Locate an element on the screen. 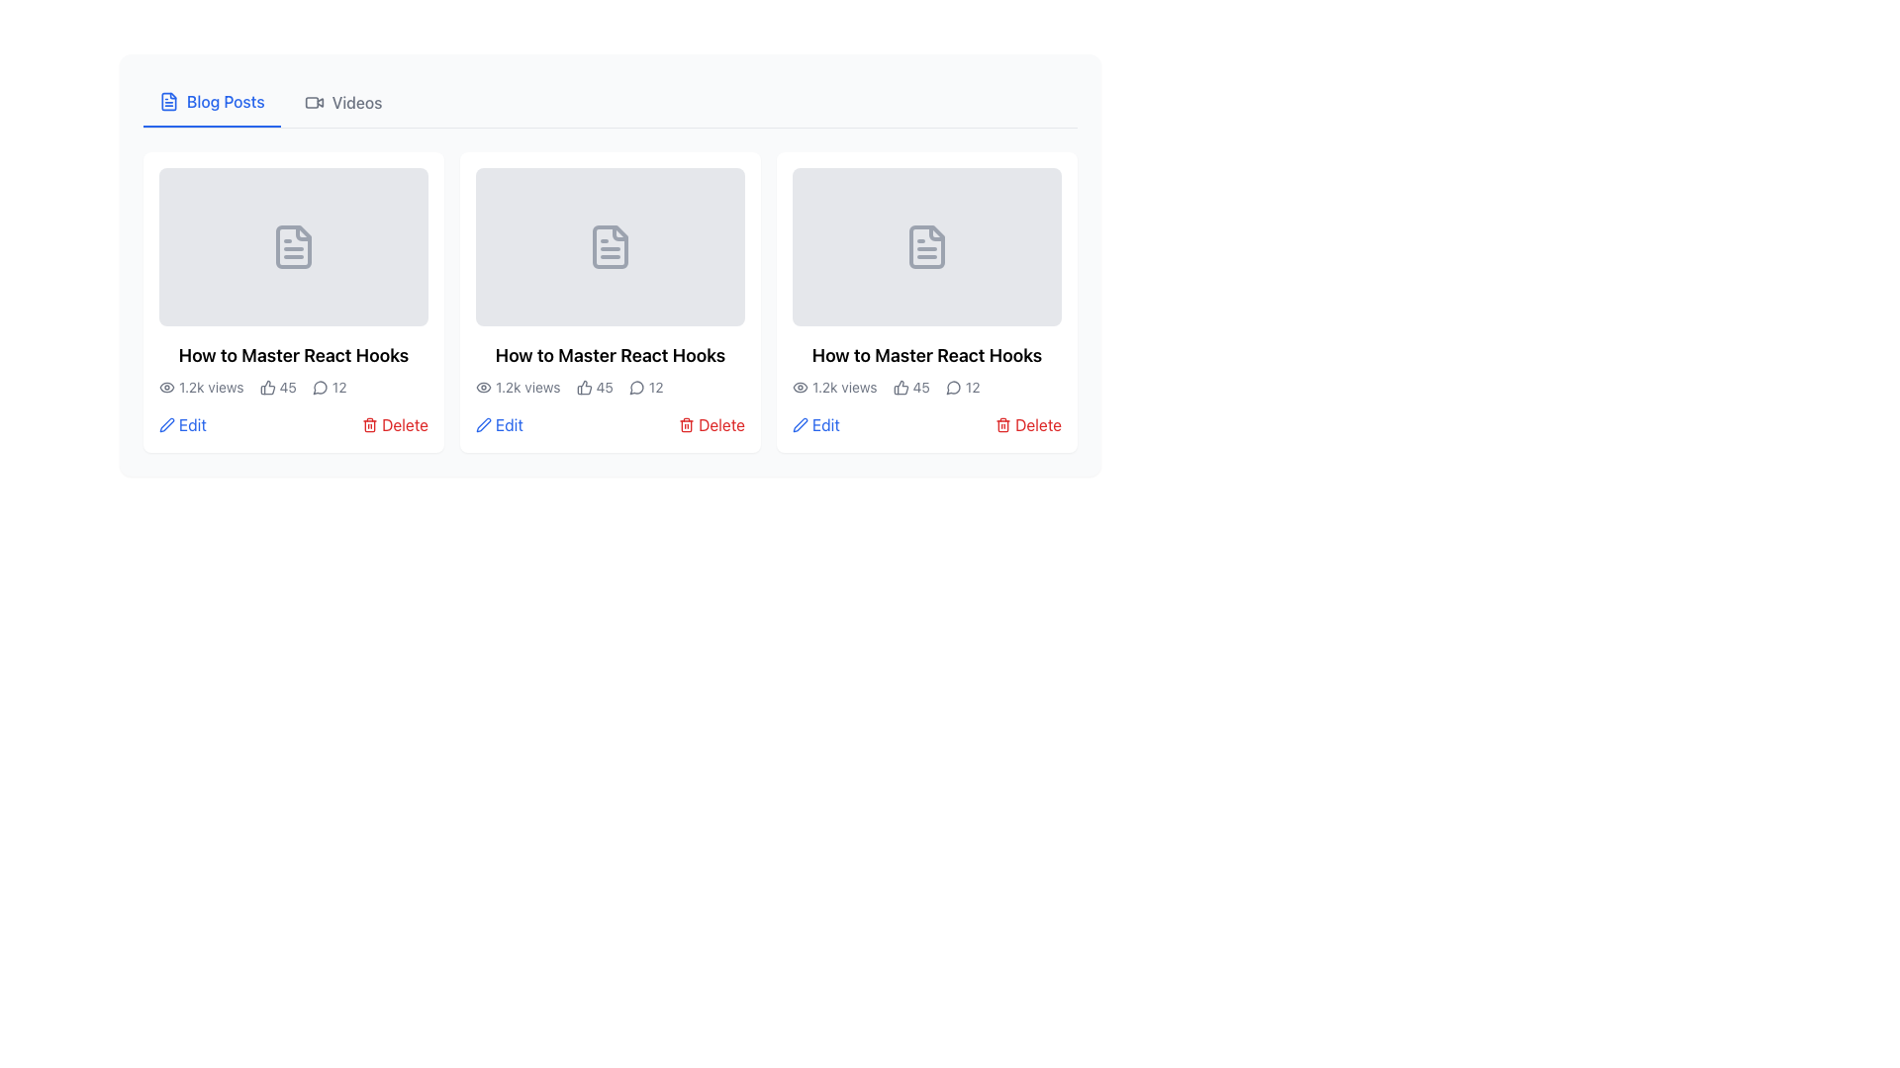  the comment indicator icon located in the center-right of the content card is located at coordinates (320, 388).